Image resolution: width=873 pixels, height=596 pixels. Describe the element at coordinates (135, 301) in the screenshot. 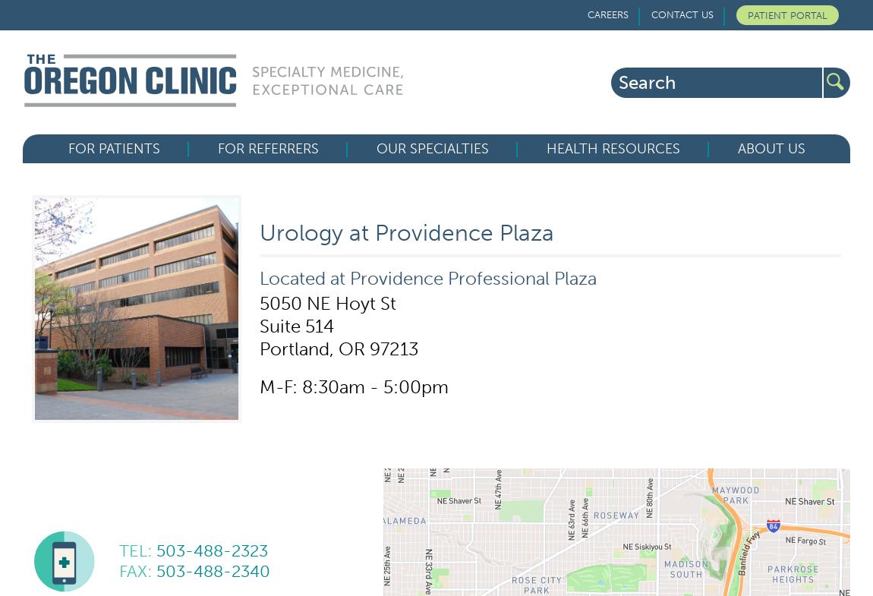

I see `'Insurance Information'` at that location.